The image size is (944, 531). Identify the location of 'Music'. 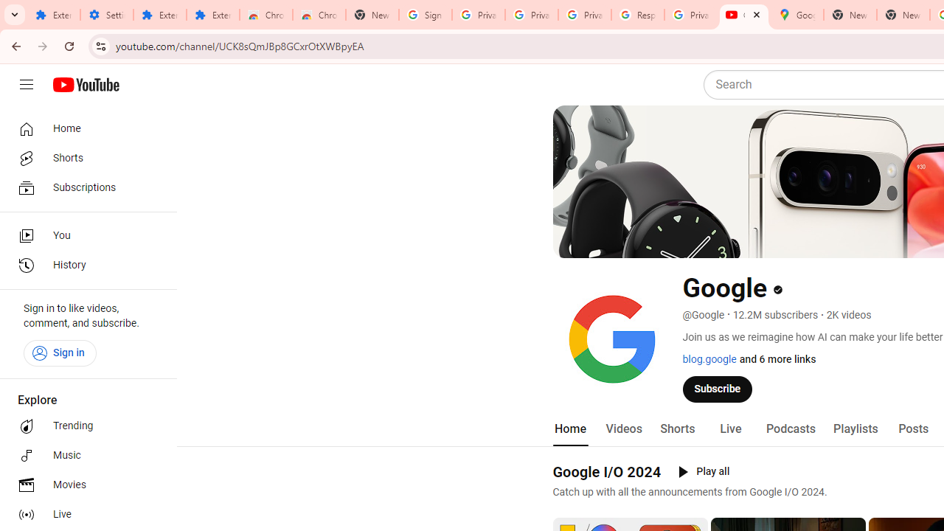
(83, 455).